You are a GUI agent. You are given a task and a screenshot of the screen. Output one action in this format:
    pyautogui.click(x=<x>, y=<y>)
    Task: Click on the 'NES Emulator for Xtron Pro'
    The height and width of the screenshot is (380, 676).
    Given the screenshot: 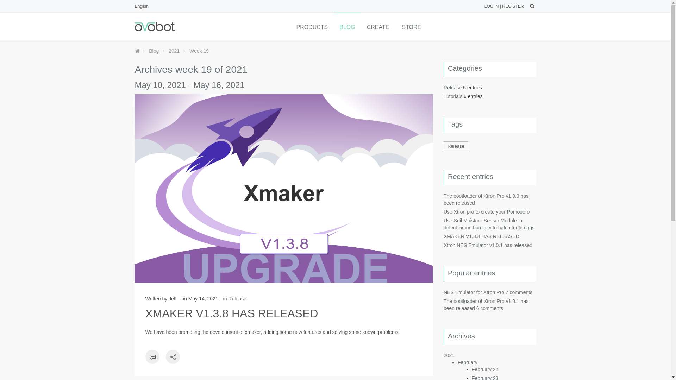 What is the action you would take?
    pyautogui.click(x=474, y=292)
    